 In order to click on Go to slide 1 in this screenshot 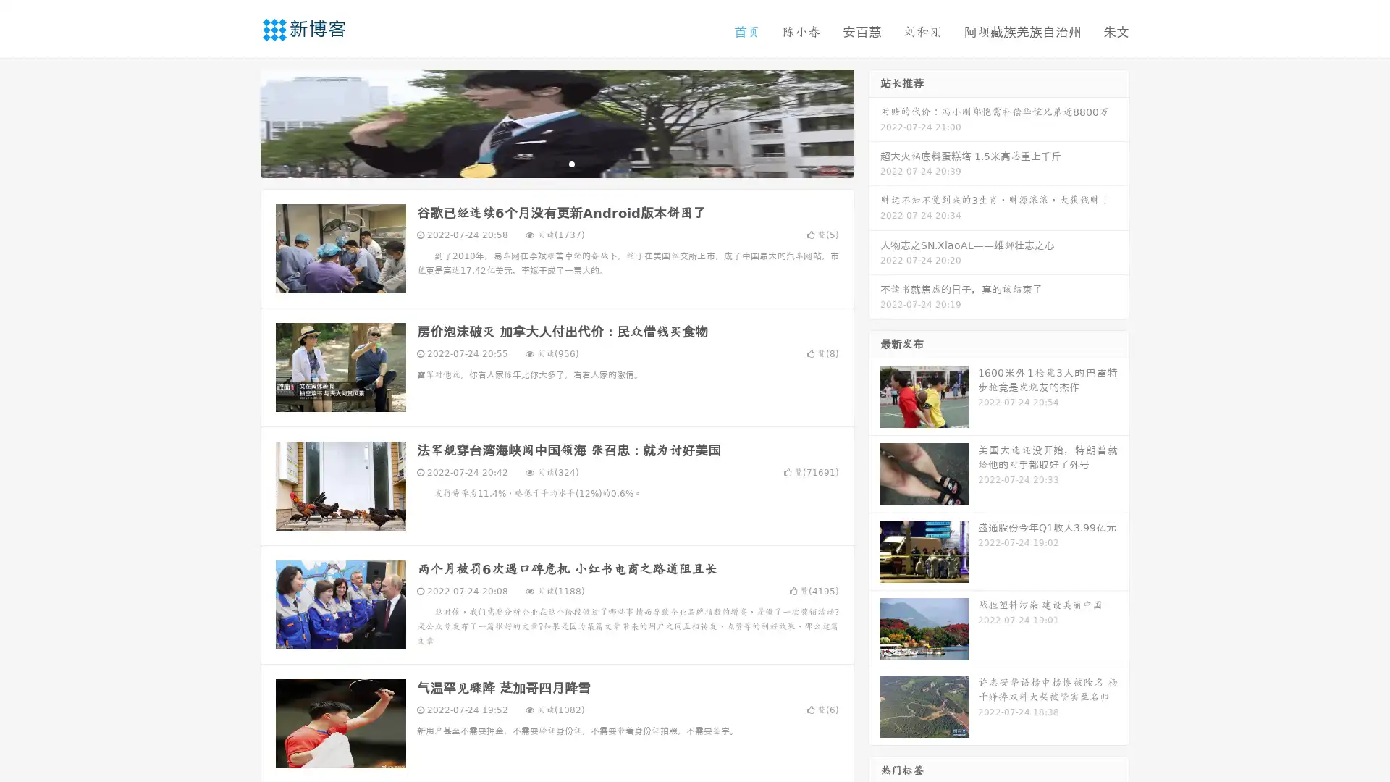, I will do `click(542, 163)`.